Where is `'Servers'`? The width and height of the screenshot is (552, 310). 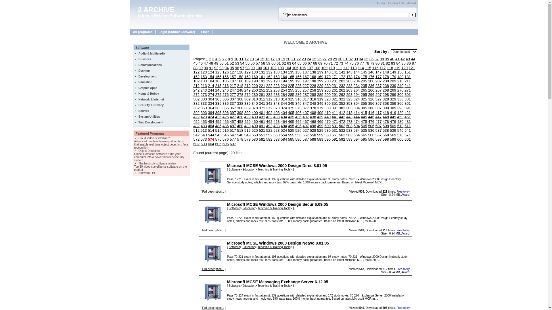 'Servers' is located at coordinates (144, 111).